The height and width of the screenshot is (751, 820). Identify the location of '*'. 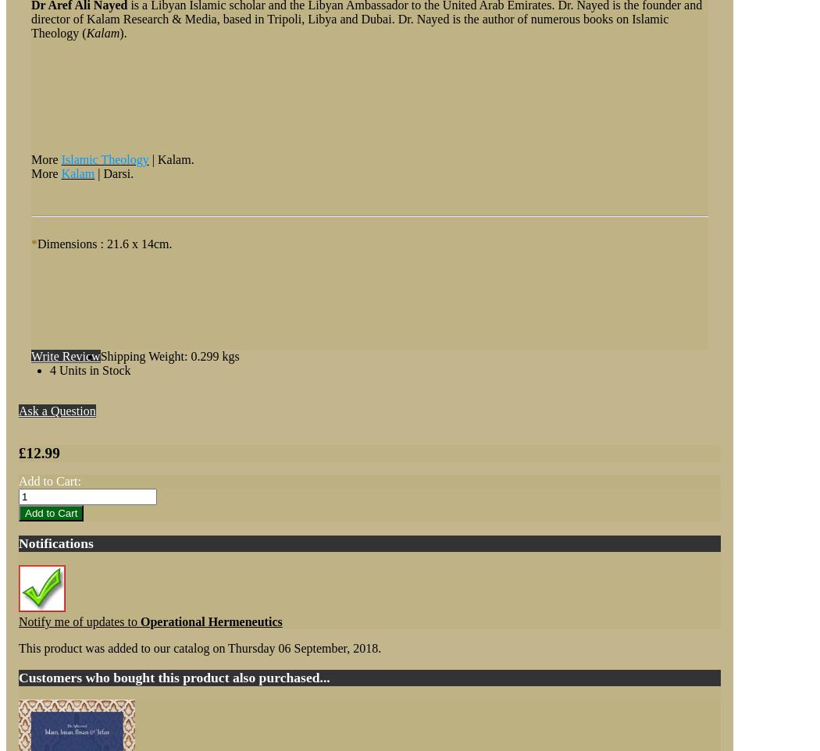
(33, 243).